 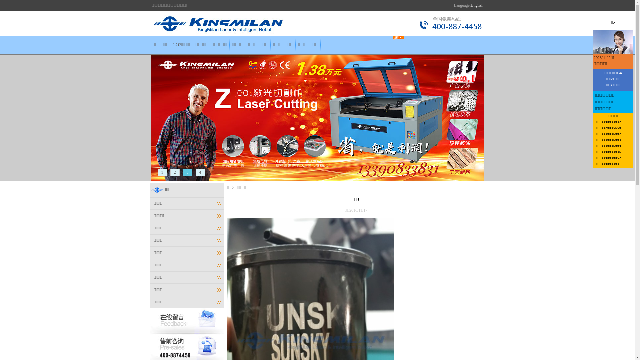 What do you see at coordinates (187, 172) in the screenshot?
I see `'3'` at bounding box center [187, 172].